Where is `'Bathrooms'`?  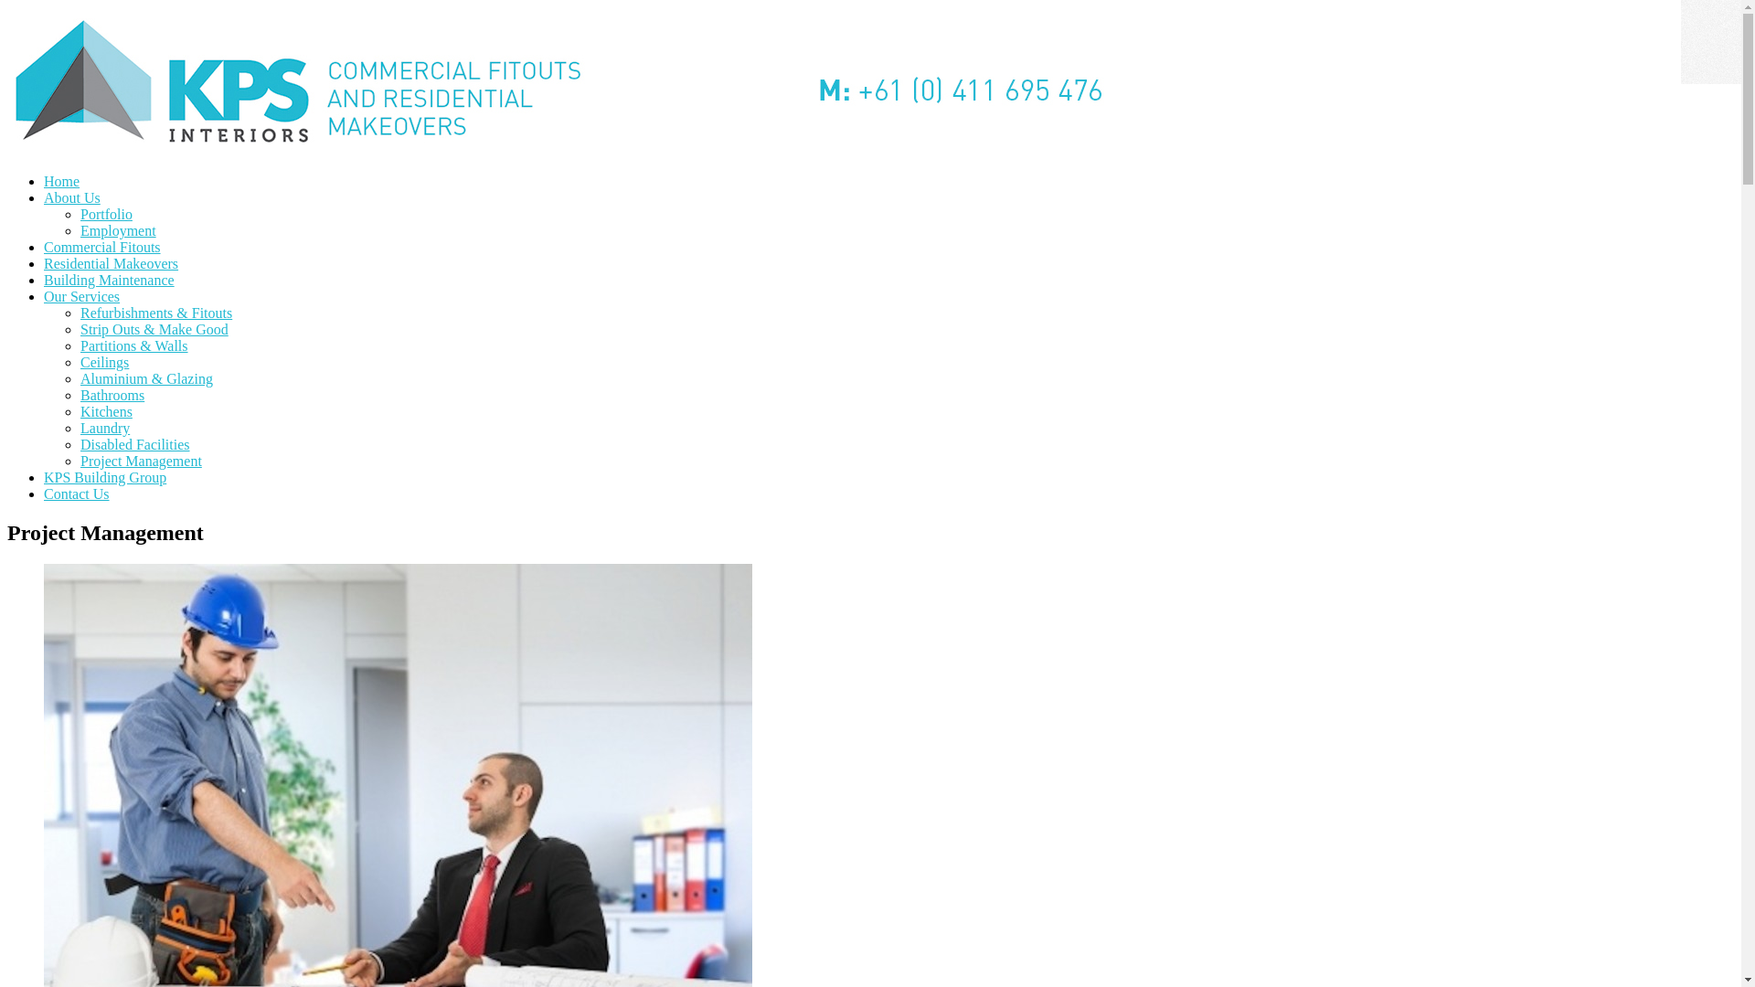 'Bathrooms' is located at coordinates (112, 394).